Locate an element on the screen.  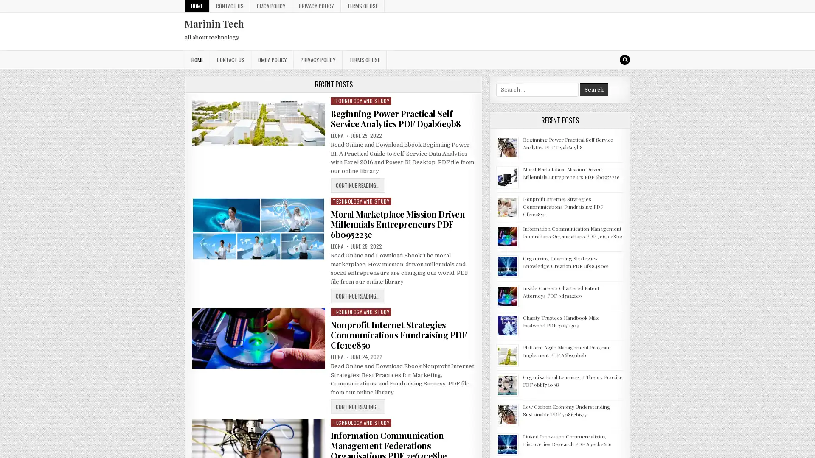
Search is located at coordinates (593, 89).